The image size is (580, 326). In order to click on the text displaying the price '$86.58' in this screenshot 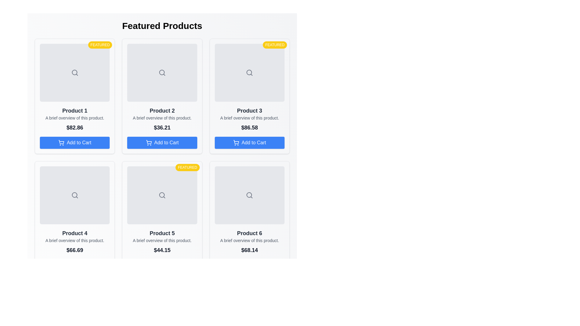, I will do `click(250, 127)`.